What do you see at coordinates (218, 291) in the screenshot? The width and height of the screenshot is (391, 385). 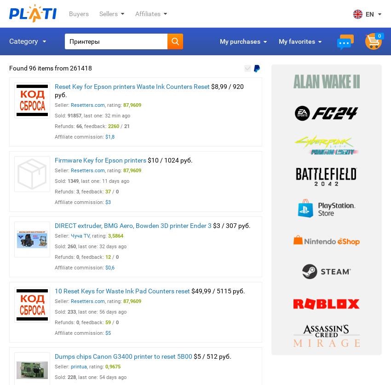 I see `'$49,99 / 5115 руб.'` at bounding box center [218, 291].